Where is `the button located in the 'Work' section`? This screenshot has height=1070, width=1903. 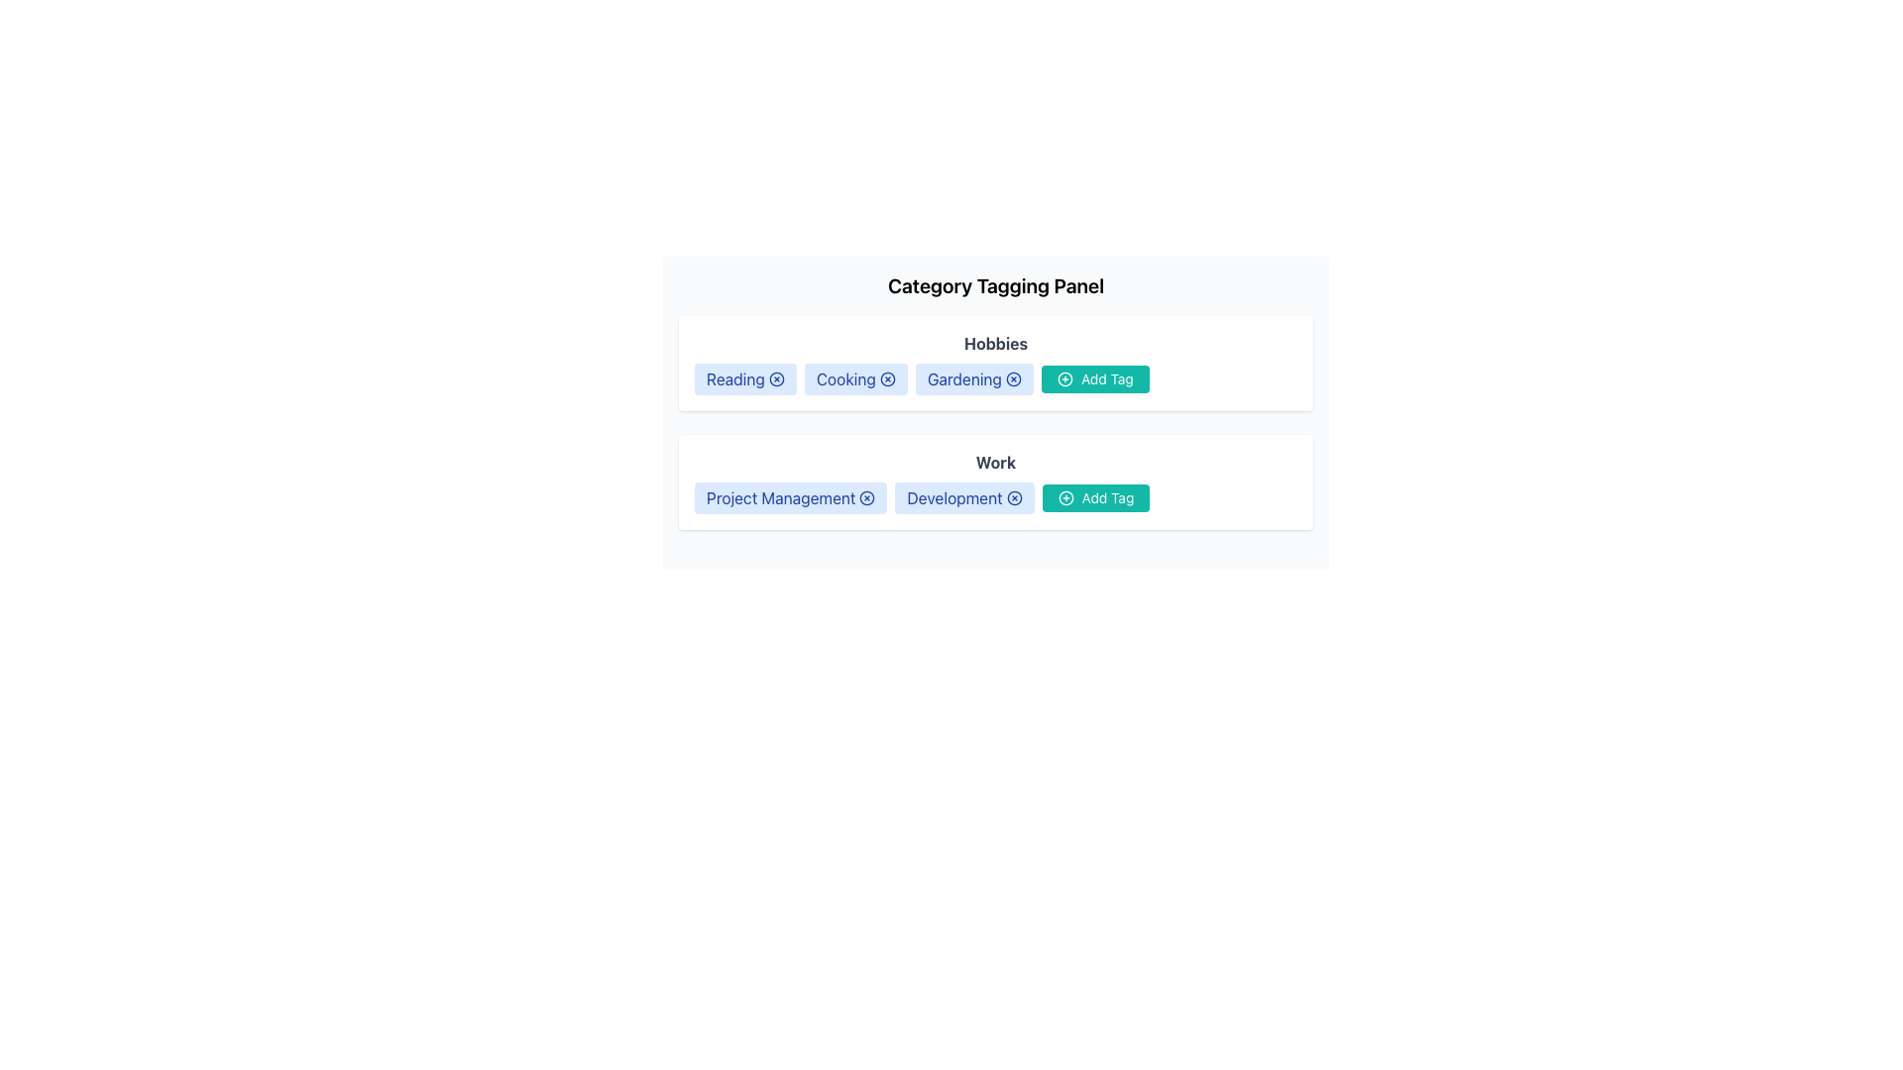
the button located in the 'Work' section is located at coordinates (1094, 496).